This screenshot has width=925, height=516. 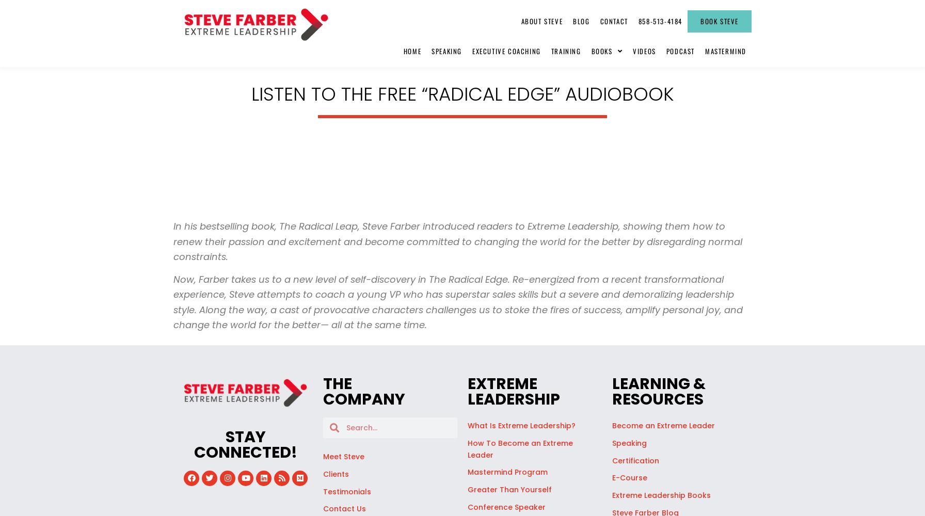 What do you see at coordinates (572, 21) in the screenshot?
I see `'Blog'` at bounding box center [572, 21].